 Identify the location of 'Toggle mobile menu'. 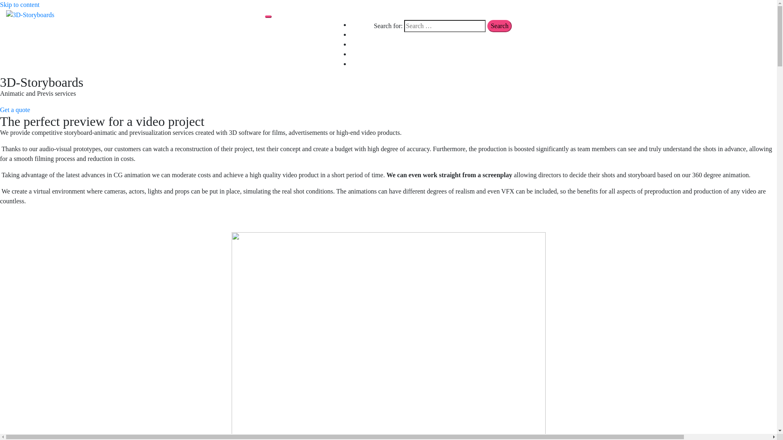
(268, 17).